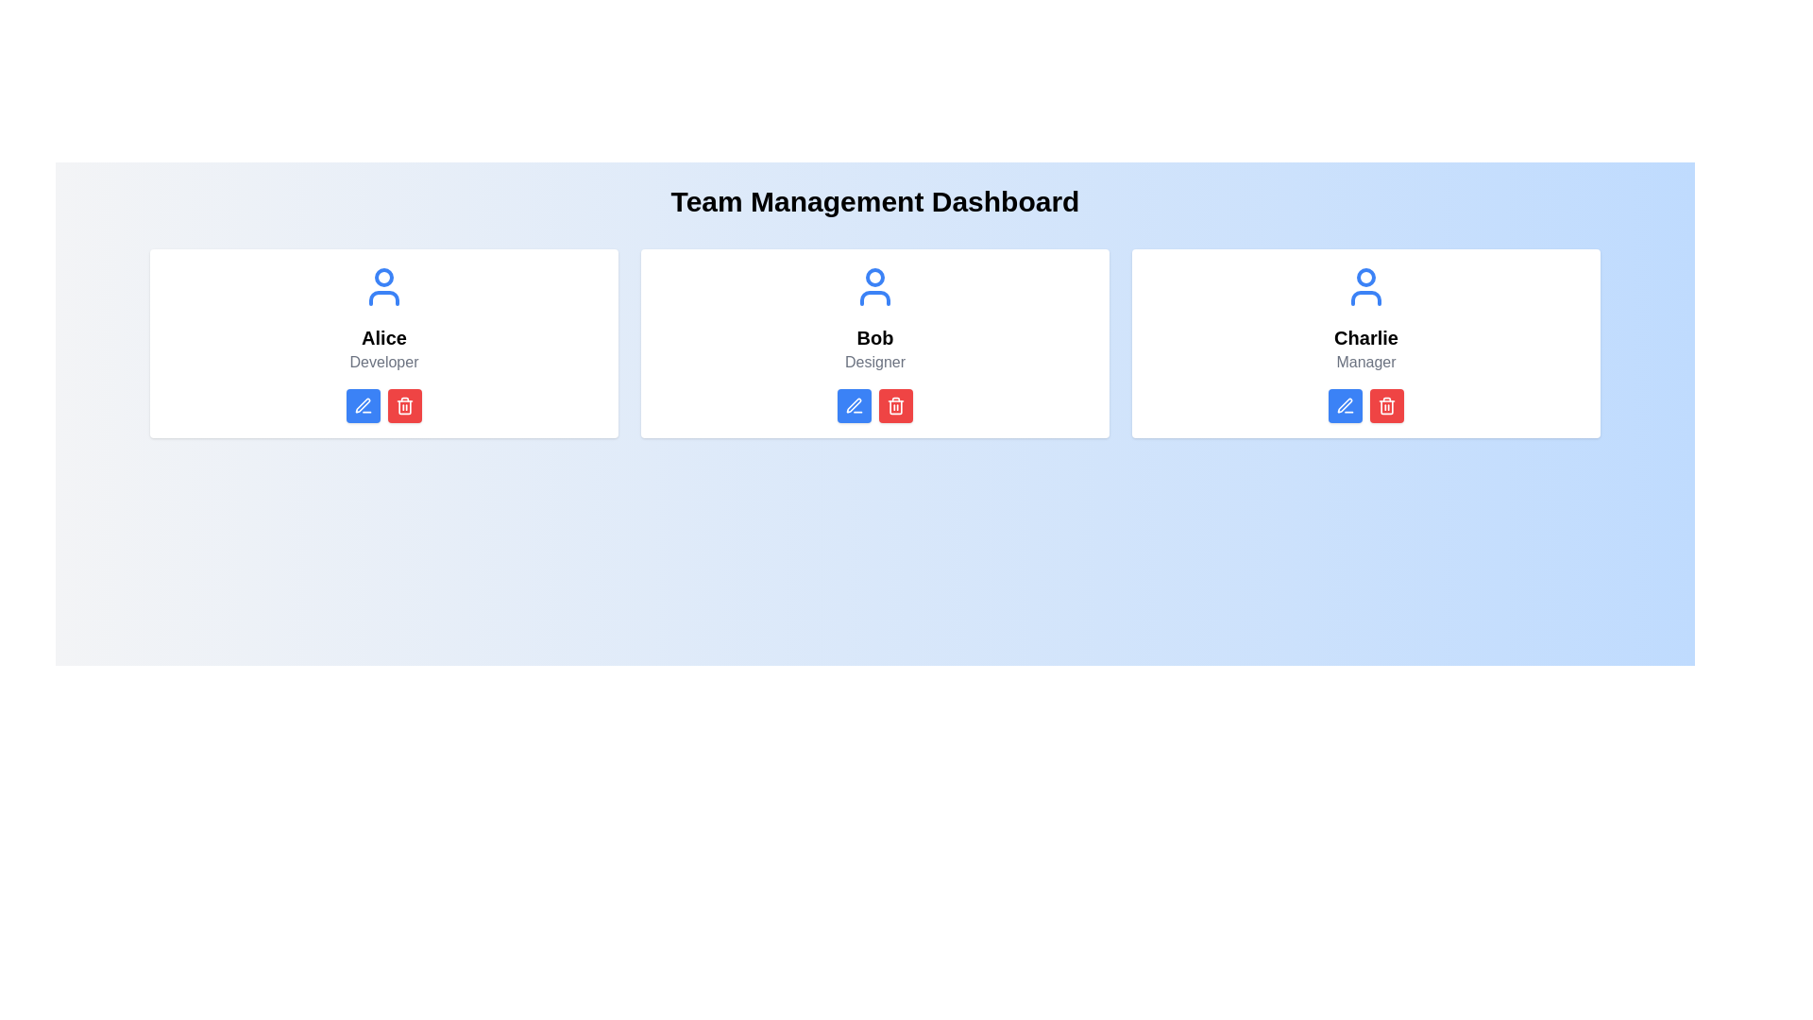  Describe the element at coordinates (363, 404) in the screenshot. I see `the blue rectangular button with rounded corners containing a white pen icon, located below the 'Alice, Developer' card in the Team Management Dashboard` at that location.